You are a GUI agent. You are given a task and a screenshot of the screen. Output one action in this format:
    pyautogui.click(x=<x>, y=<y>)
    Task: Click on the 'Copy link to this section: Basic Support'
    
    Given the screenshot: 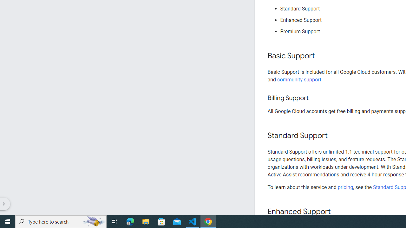 What is the action you would take?
    pyautogui.click(x=321, y=56)
    